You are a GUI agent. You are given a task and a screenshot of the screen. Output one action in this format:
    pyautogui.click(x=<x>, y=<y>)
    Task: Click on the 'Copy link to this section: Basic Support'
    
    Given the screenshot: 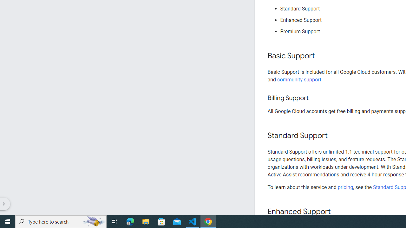 What is the action you would take?
    pyautogui.click(x=321, y=56)
    